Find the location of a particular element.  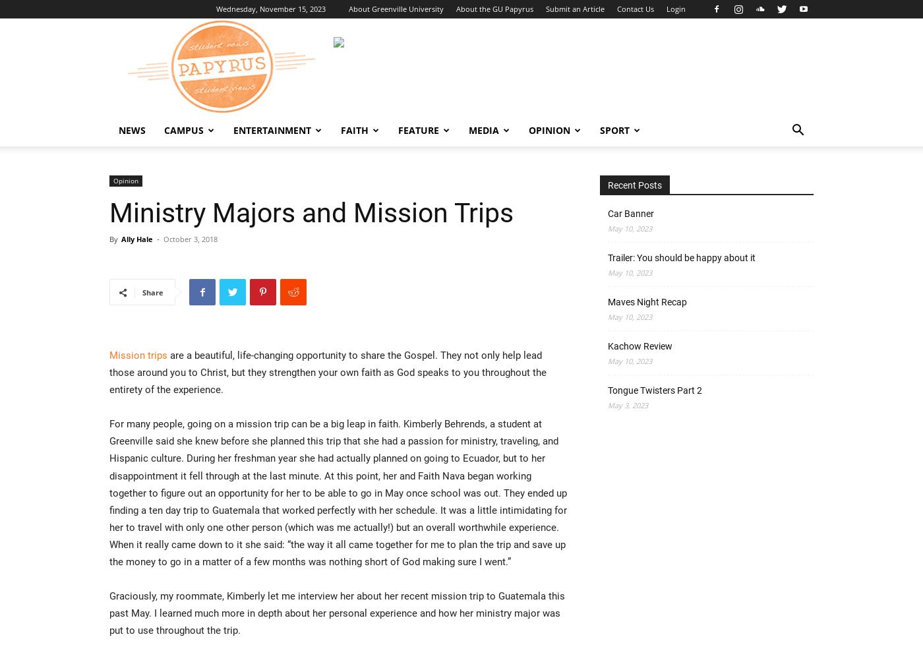

'Ally Hale' is located at coordinates (137, 238).